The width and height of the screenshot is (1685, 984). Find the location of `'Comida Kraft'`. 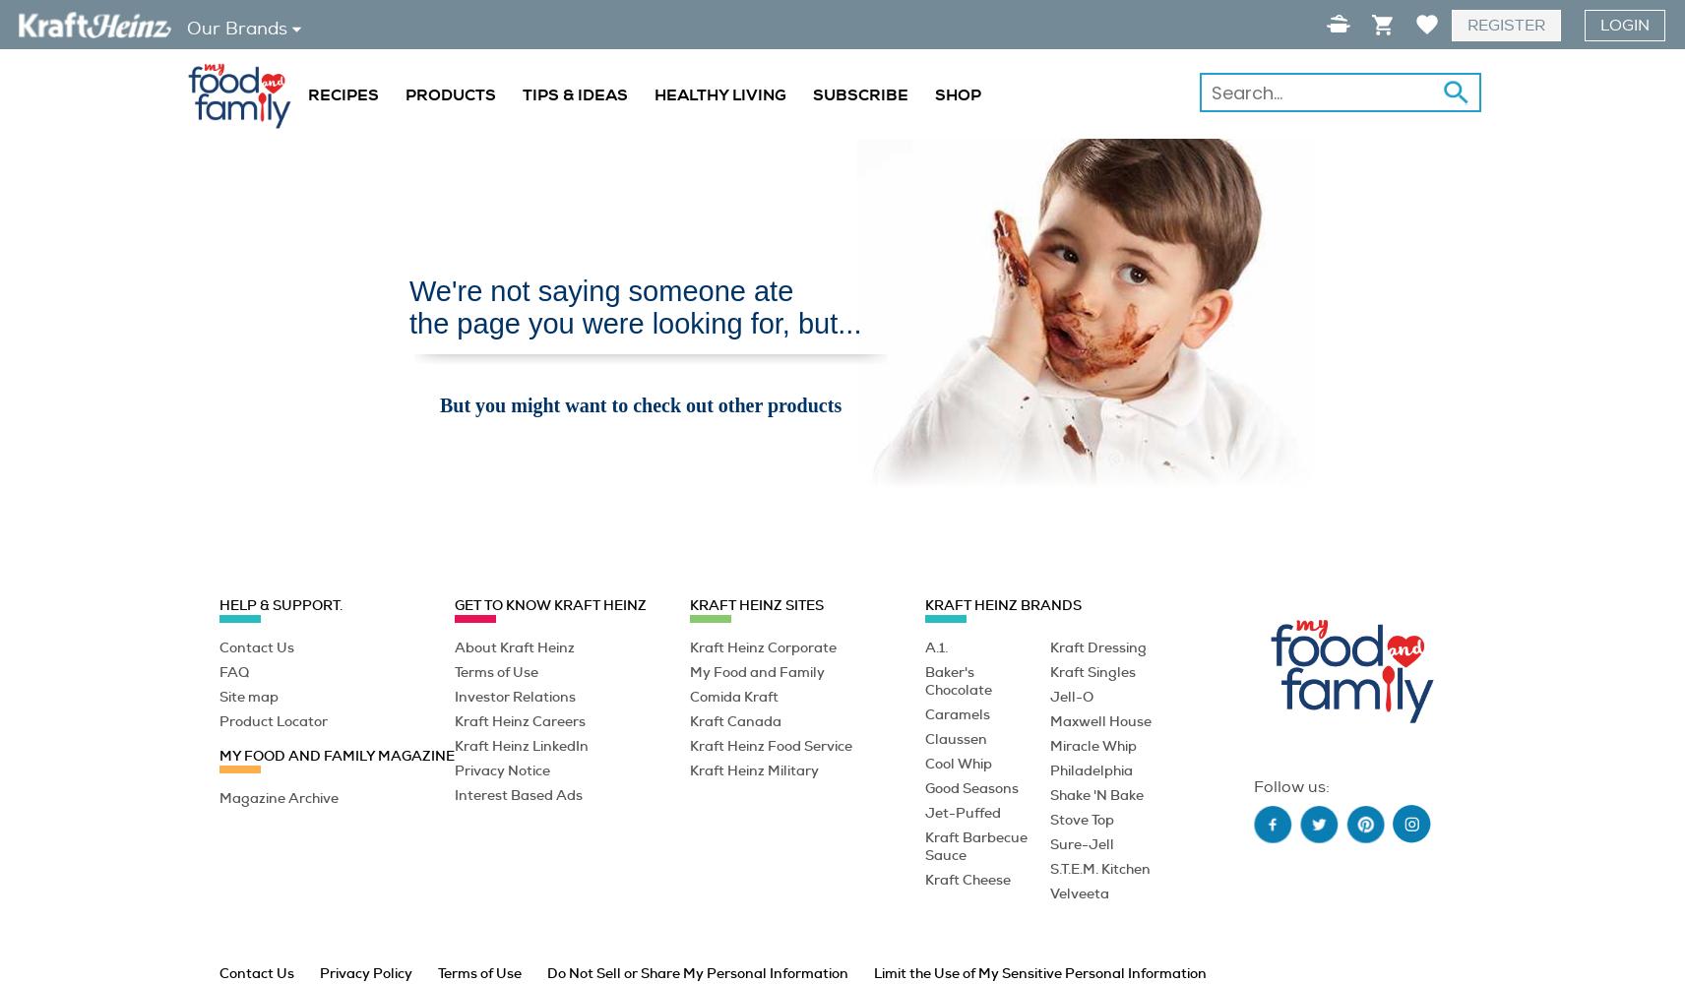

'Comida Kraft' is located at coordinates (733, 696).